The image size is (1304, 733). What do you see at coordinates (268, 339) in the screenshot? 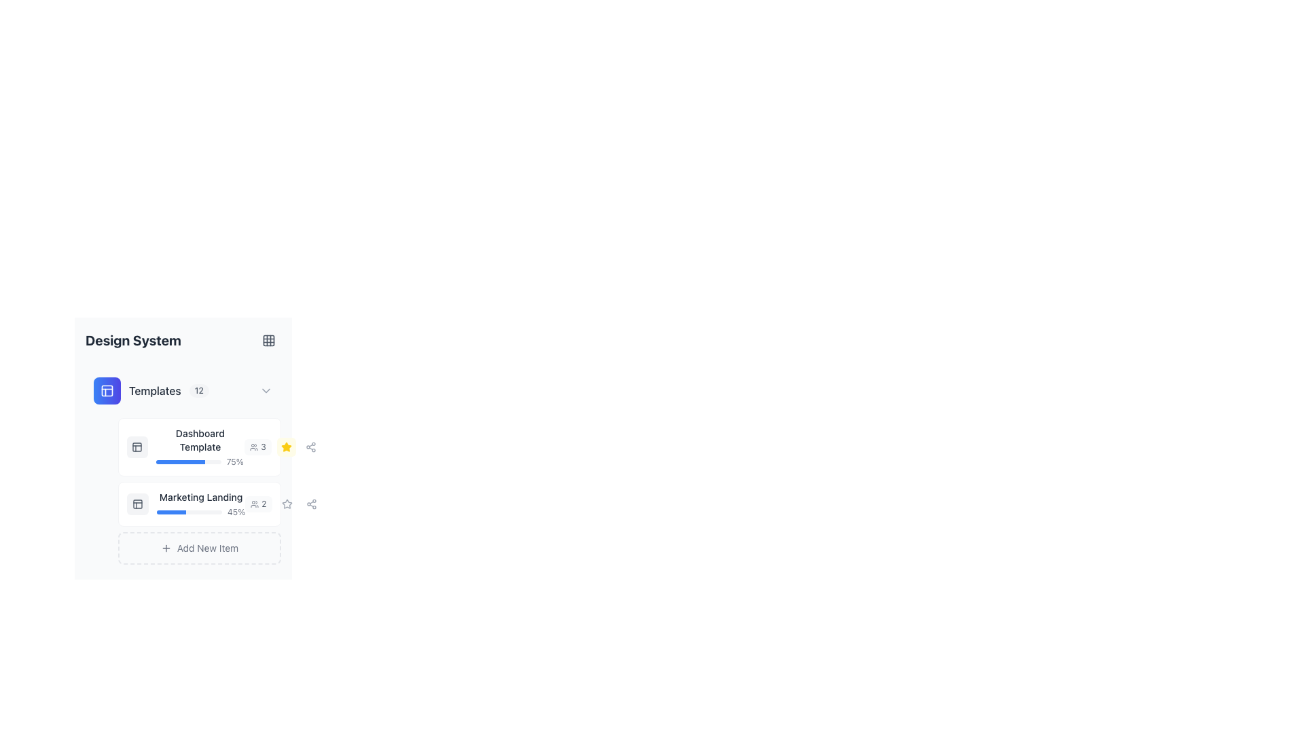
I see `the square button with a grid-like icon composed of nine small squares arranged in a 3x3 pattern located at the top-right corner of the 'Design System' section` at bounding box center [268, 339].